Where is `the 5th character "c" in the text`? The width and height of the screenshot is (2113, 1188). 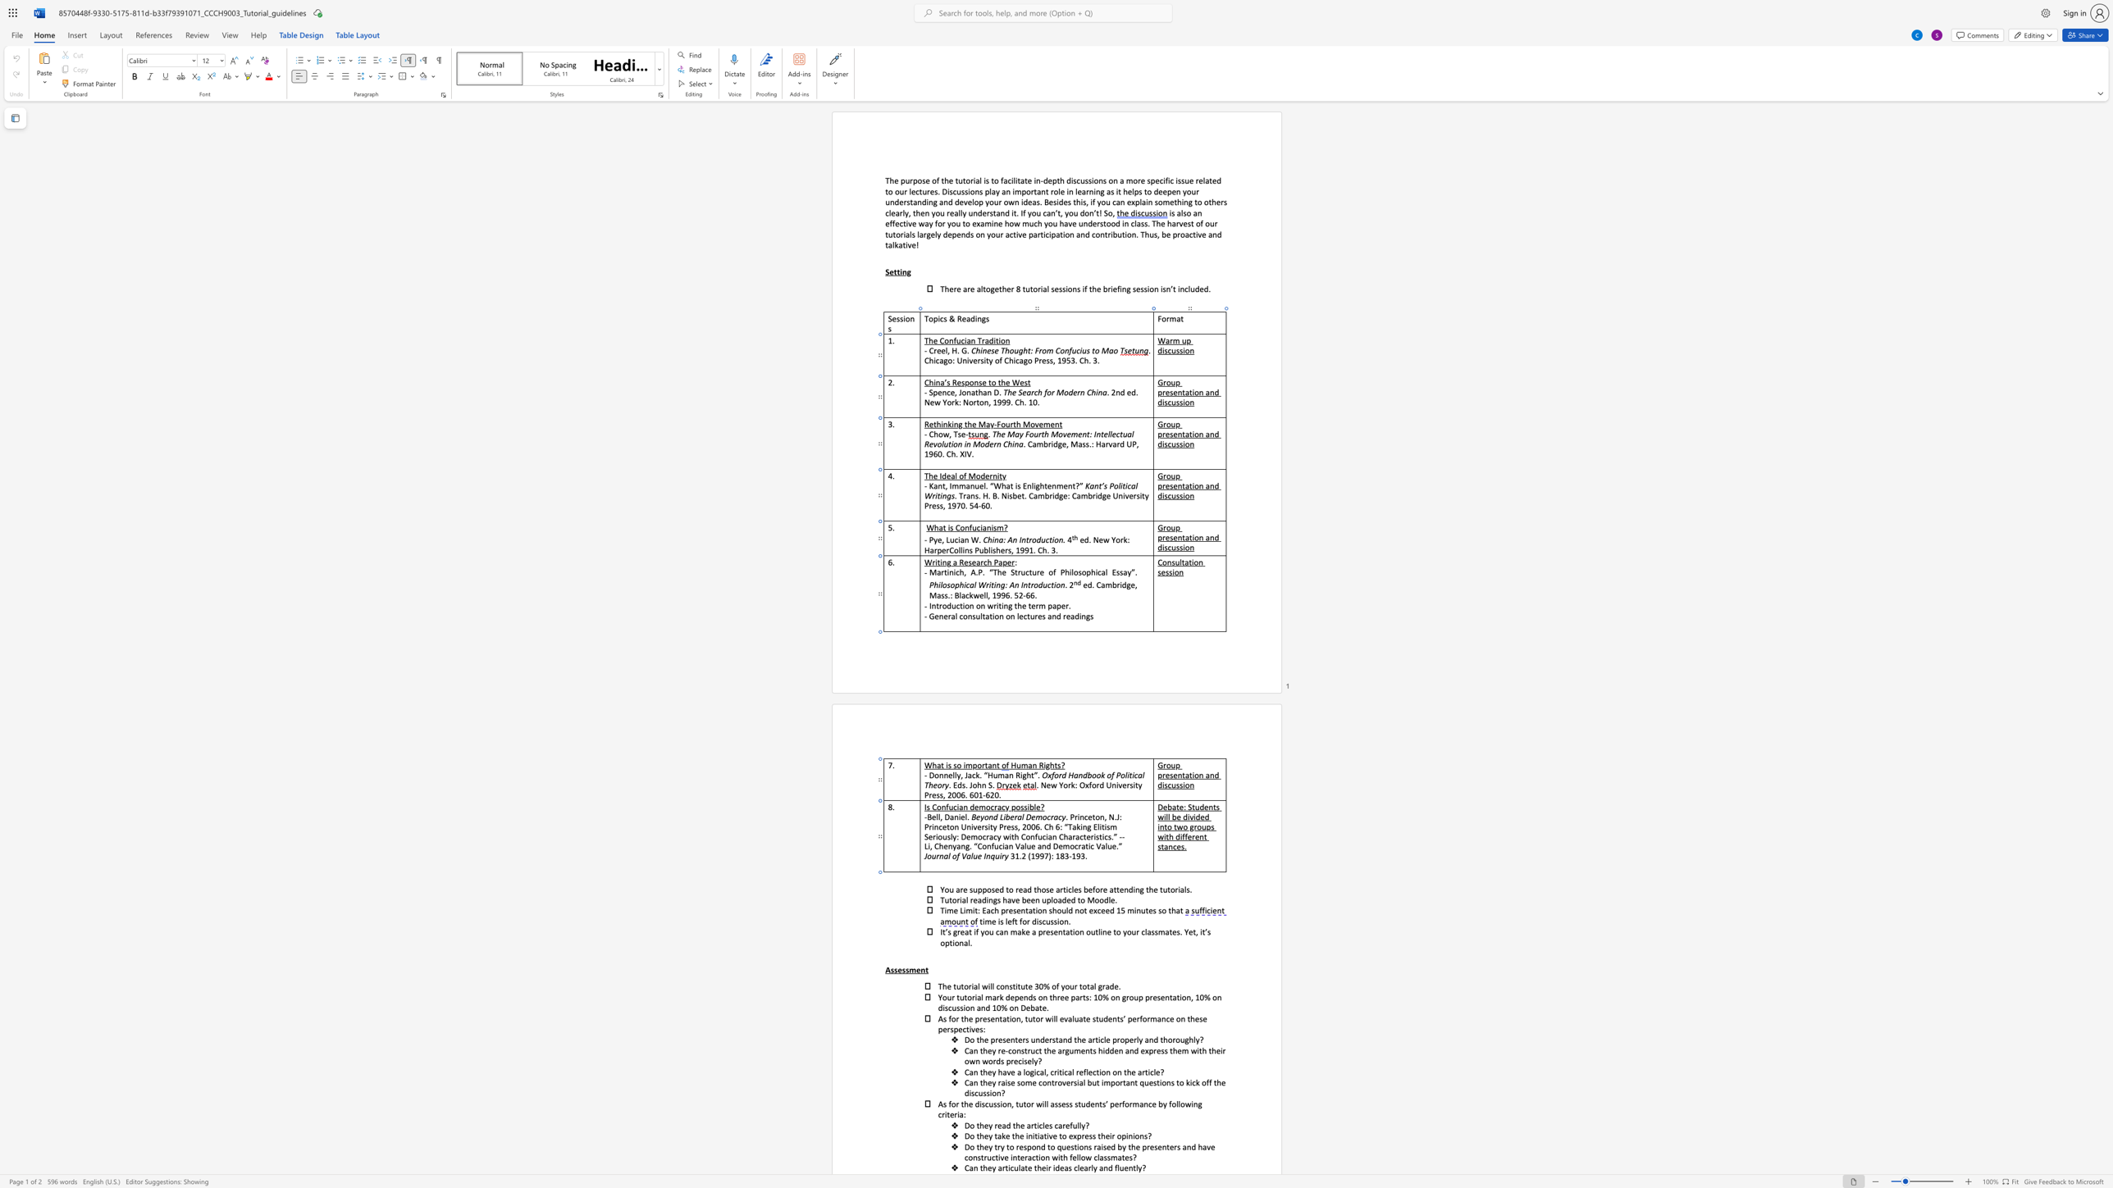 the 5th character "c" in the text is located at coordinates (1106, 836).